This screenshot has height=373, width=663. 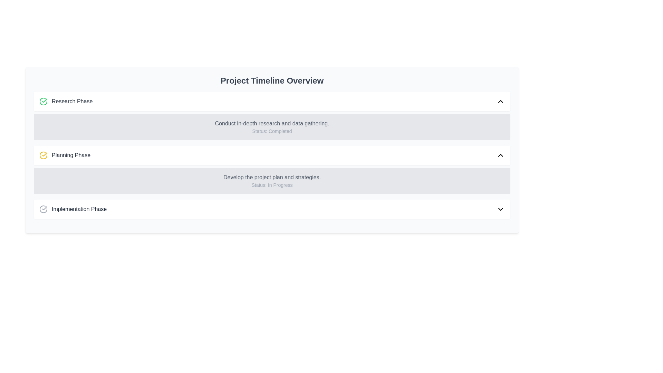 What do you see at coordinates (65, 155) in the screenshot?
I see `text content of the Label with Icon displaying 'Planning Phase', which is located in the second row of the 'Project Timeline Overview' section` at bounding box center [65, 155].